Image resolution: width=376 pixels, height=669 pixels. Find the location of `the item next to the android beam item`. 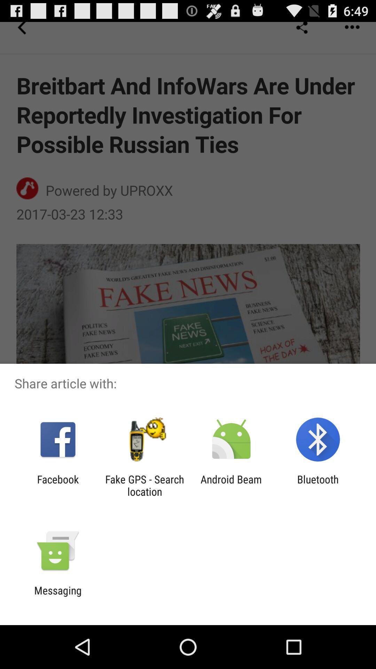

the item next to the android beam item is located at coordinates (144, 485).